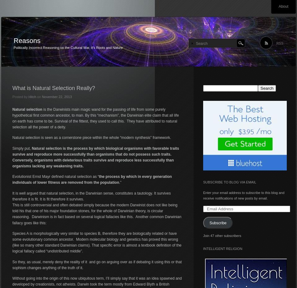 The image size is (297, 288). What do you see at coordinates (96, 213) in the screenshot?
I see `'This is still controversial and often debated simply because the modern Darwinist does not like being told his that one of his major foundation stones, for the whole of Darwinian theory, is circular reasoning.  Darwinism is in fact based on several logical fallacies like this.  Another common Darwinian fallacy goes like this:'` at bounding box center [96, 213].